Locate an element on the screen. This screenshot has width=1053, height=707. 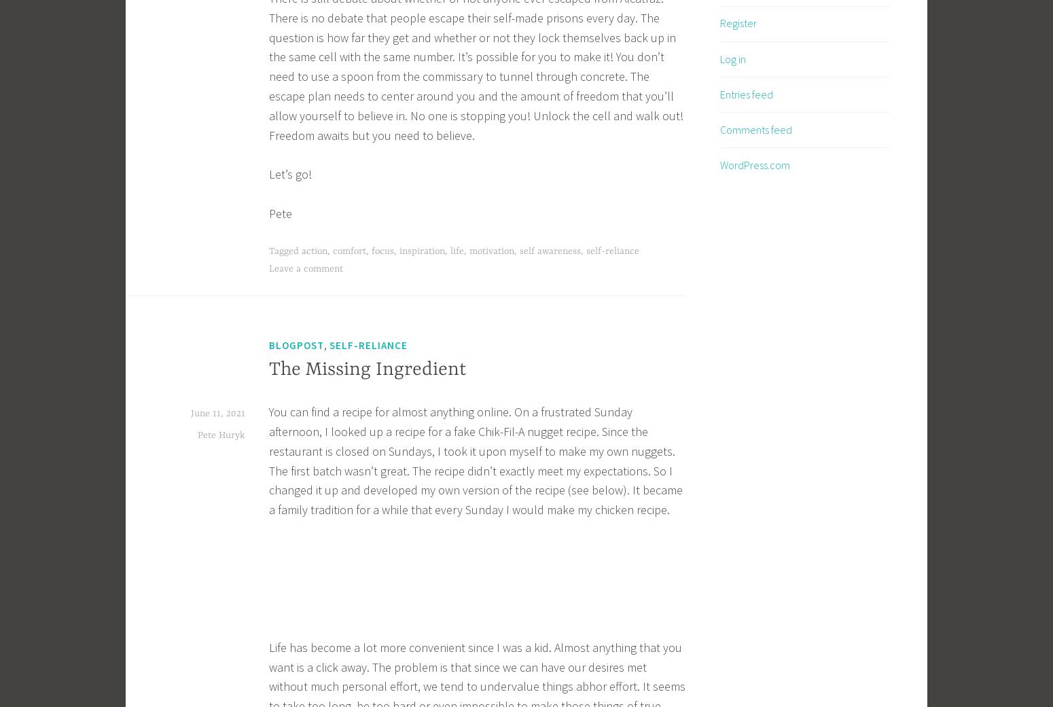
'Log in' is located at coordinates (732, 57).